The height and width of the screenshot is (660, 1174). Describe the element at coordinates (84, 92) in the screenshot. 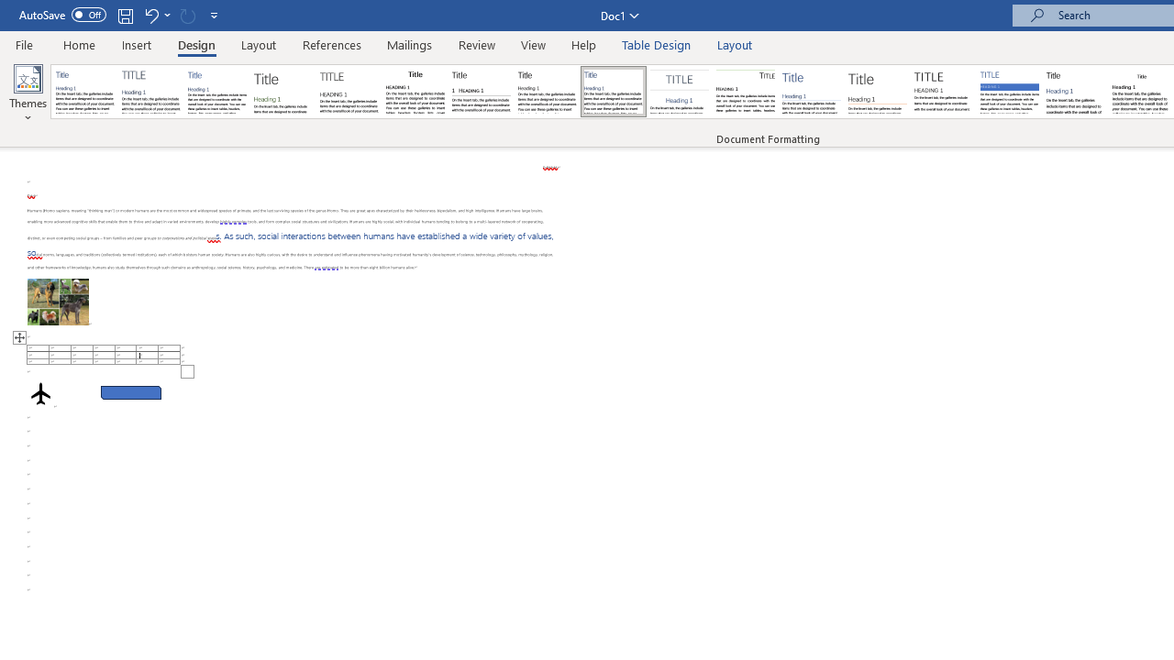

I see `'Document'` at that location.